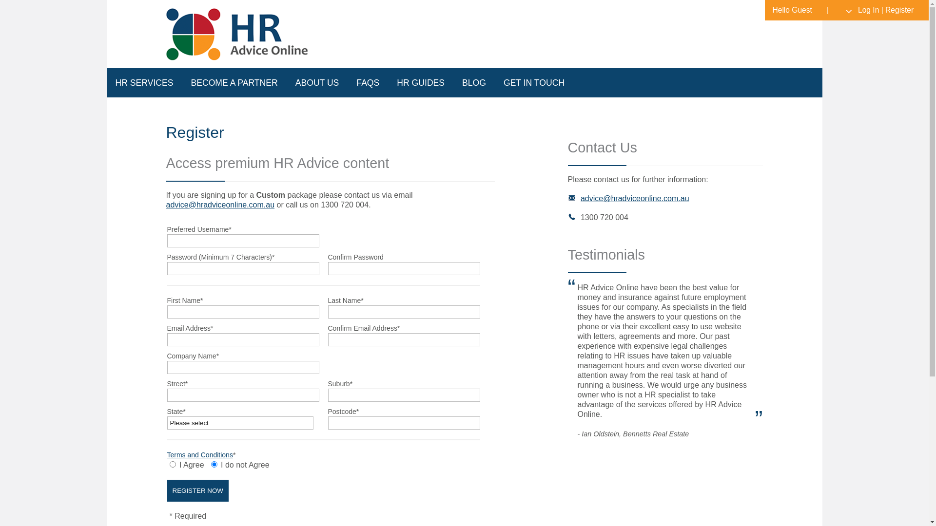 This screenshot has width=936, height=526. I want to click on 'Terms and Conditions', so click(199, 454).